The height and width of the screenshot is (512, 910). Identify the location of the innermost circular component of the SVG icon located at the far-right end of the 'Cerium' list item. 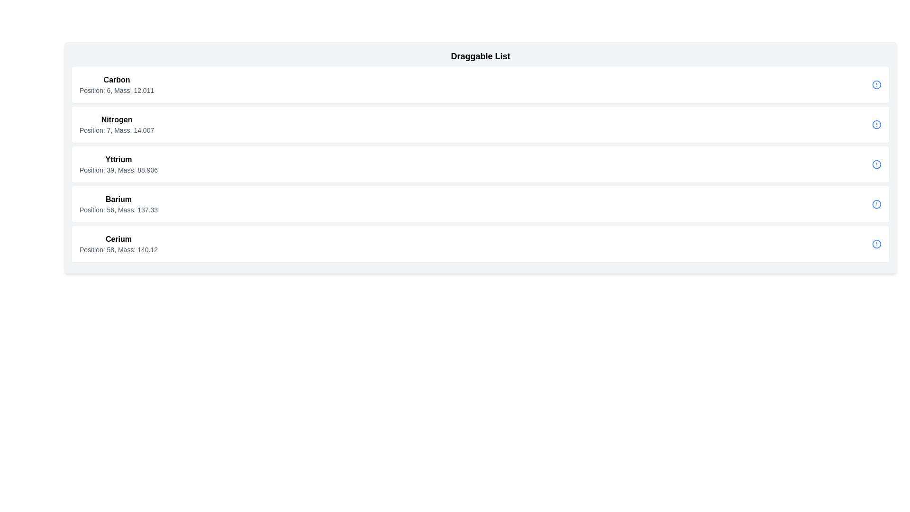
(876, 243).